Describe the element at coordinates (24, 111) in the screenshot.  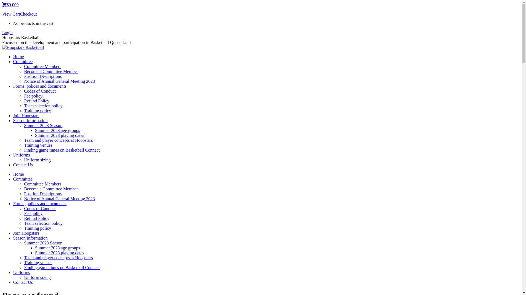
I see `'Training policy'` at that location.